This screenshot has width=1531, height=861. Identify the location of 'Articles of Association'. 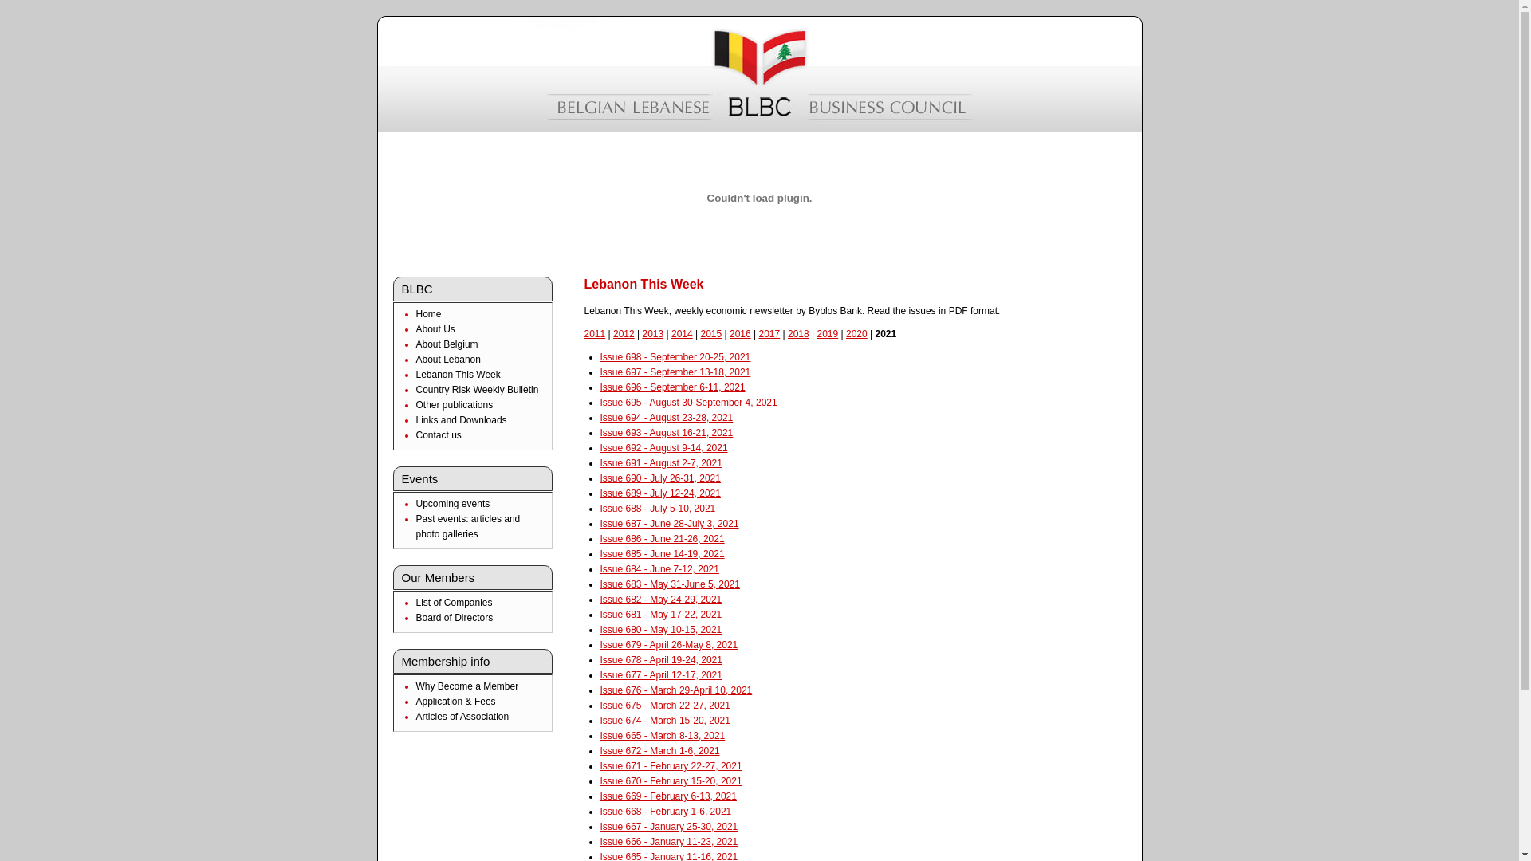
(462, 715).